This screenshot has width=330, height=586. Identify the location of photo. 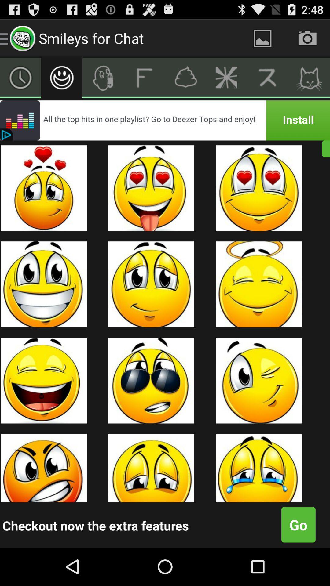
(307, 38).